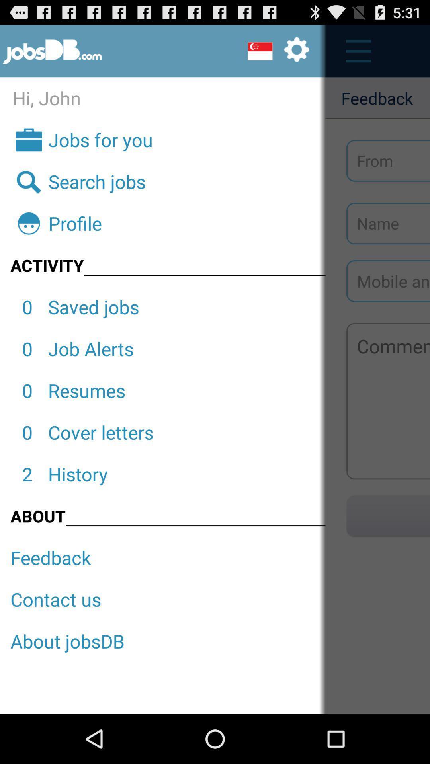 This screenshot has height=764, width=430. What do you see at coordinates (278, 51) in the screenshot?
I see `open settings` at bounding box center [278, 51].